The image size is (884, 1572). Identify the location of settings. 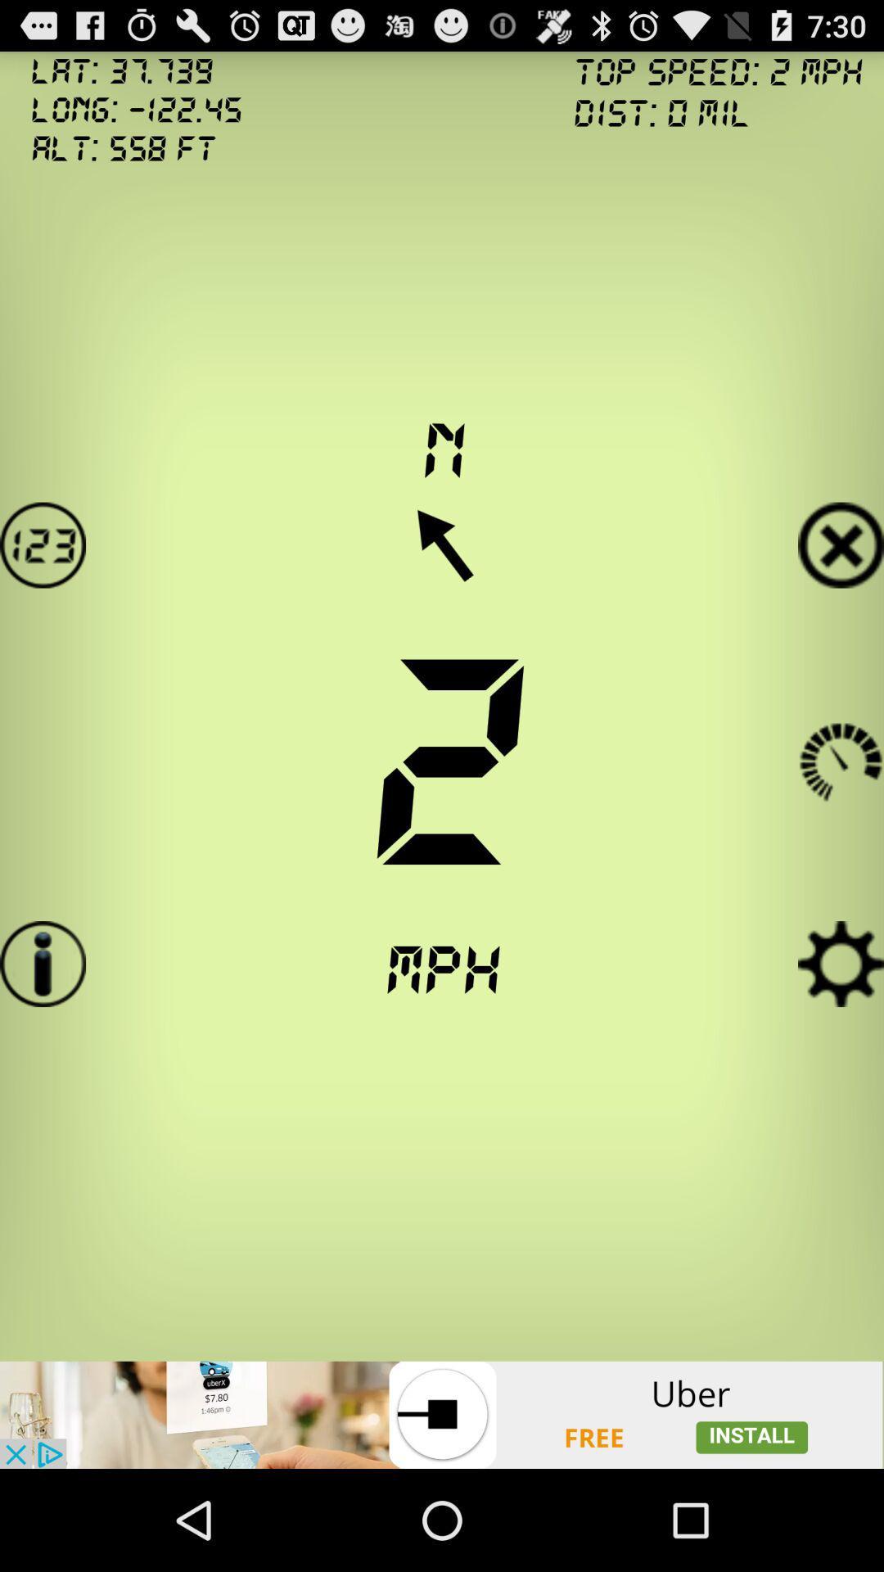
(841, 964).